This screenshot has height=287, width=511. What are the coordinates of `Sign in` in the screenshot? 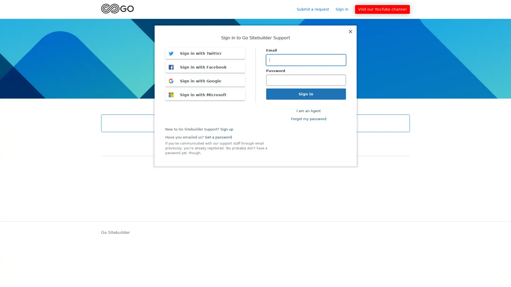 It's located at (345, 9).